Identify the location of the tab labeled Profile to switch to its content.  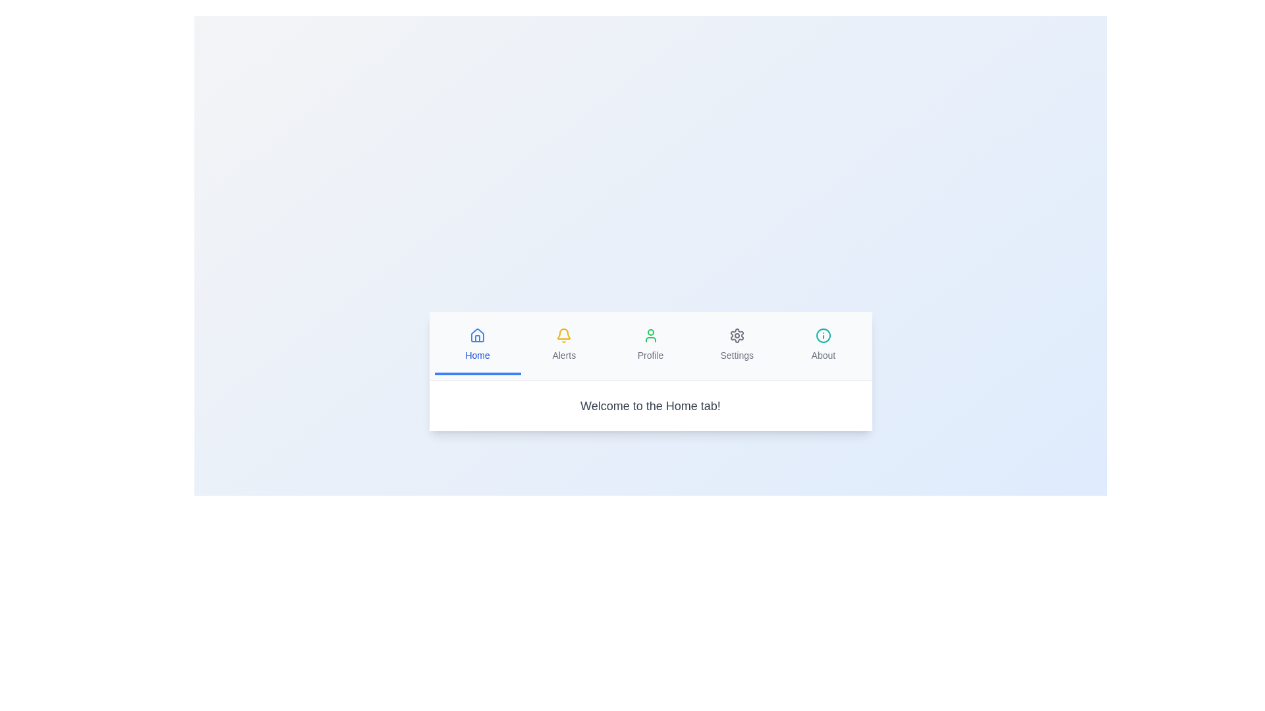
(650, 344).